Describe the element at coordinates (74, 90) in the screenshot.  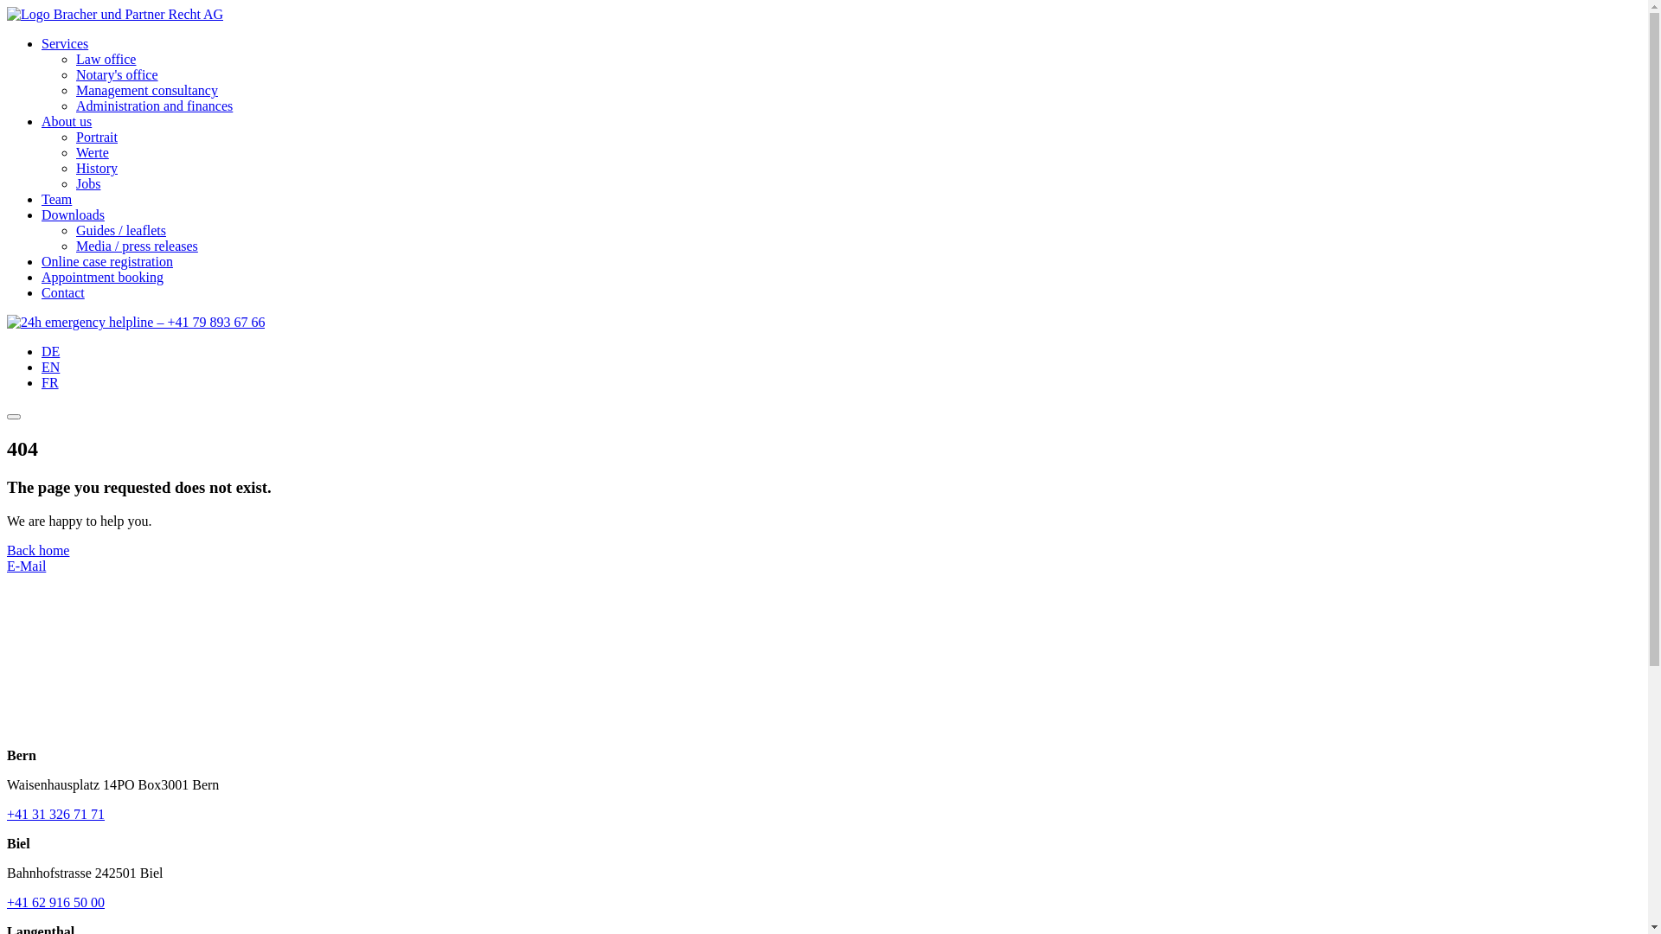
I see `'Management consultancy'` at that location.